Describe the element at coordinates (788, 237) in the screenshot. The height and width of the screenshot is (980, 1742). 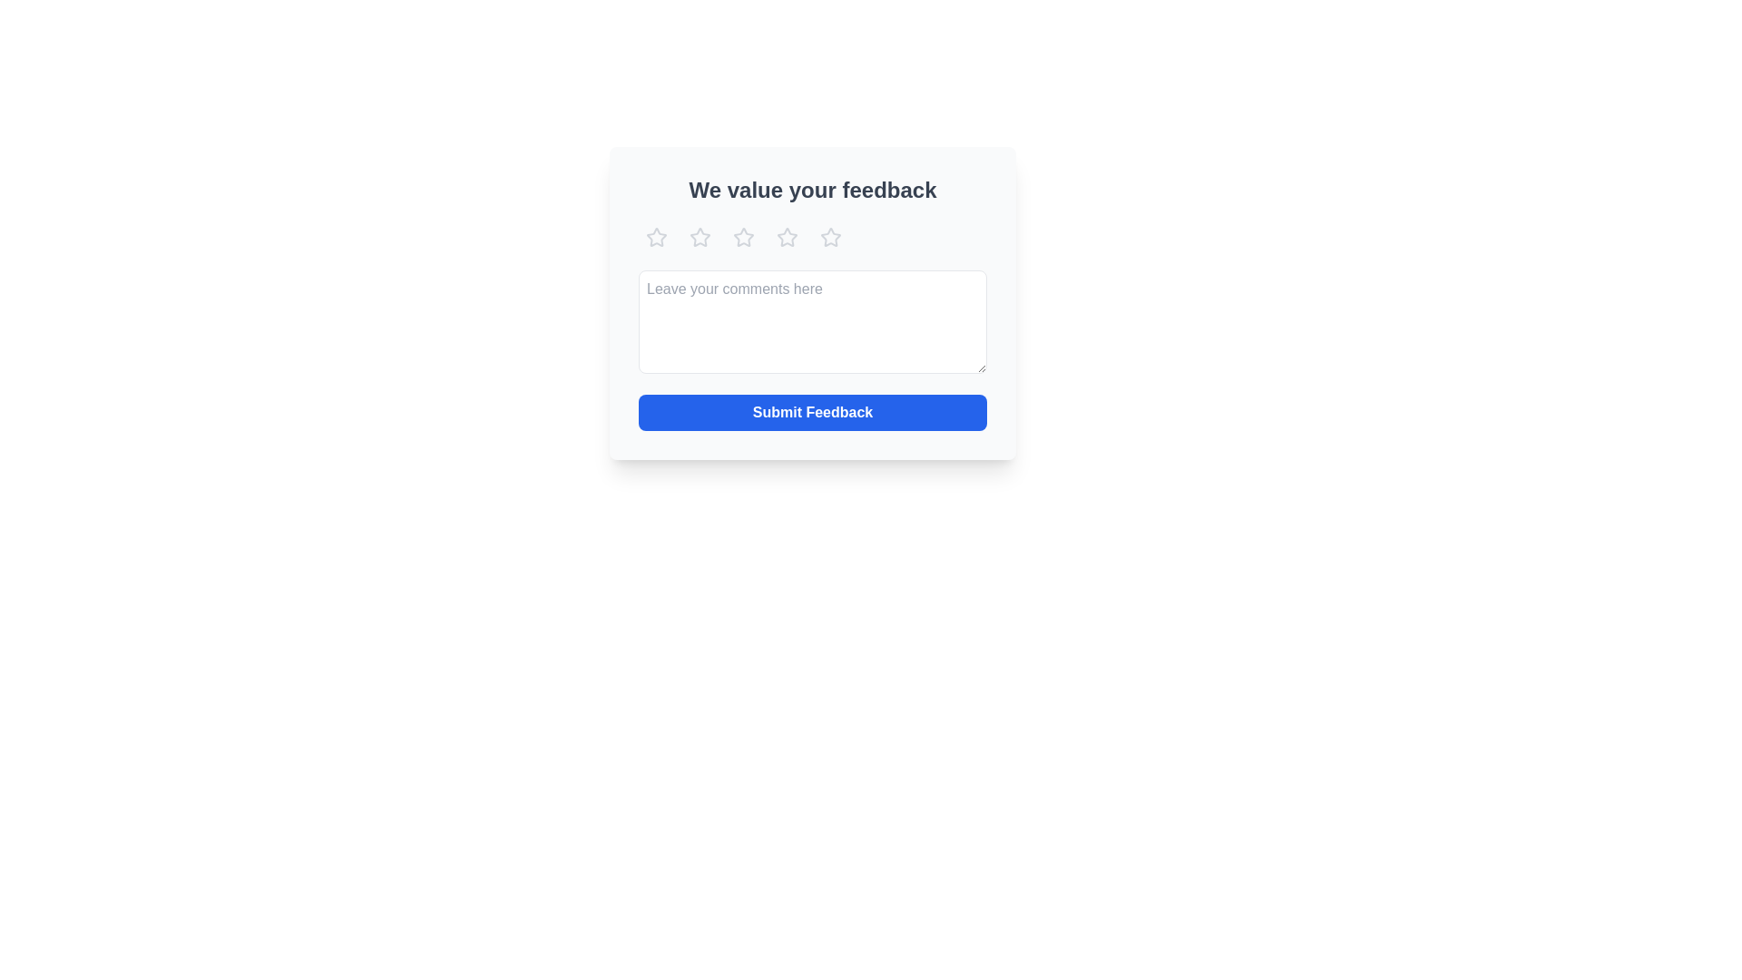
I see `the fourth star in the horizontal row of star icons` at that location.